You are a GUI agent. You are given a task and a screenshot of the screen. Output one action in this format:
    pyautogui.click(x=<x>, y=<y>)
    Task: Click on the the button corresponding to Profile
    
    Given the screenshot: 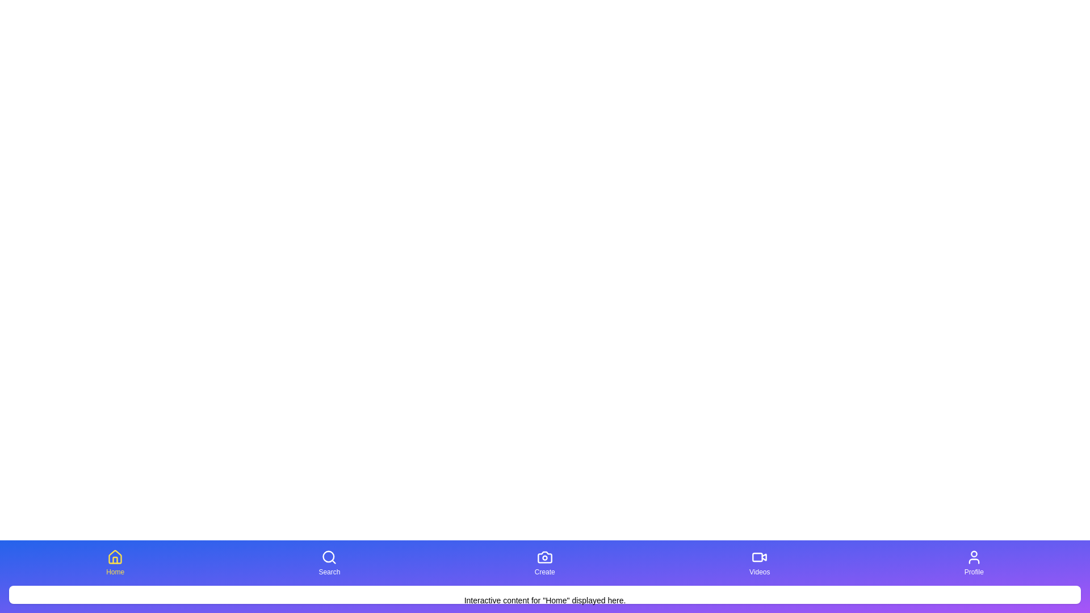 What is the action you would take?
    pyautogui.click(x=974, y=562)
    